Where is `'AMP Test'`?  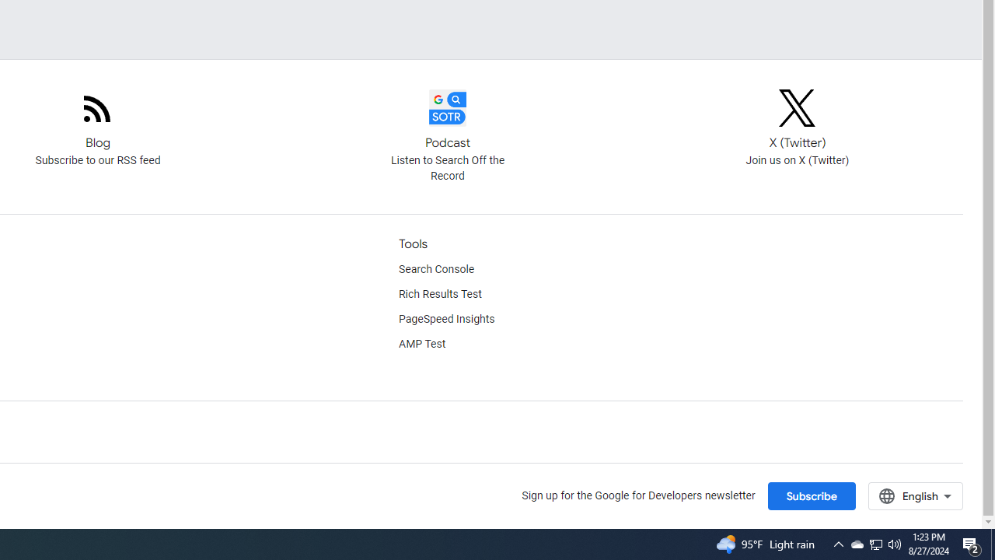 'AMP Test' is located at coordinates (422, 344).